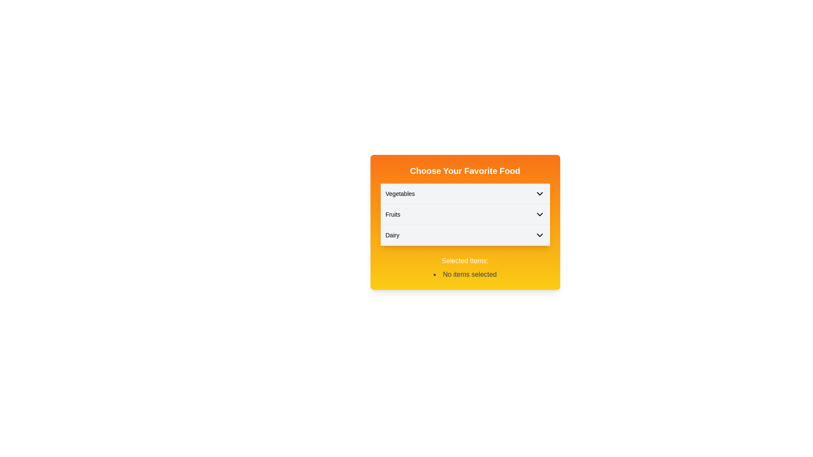 This screenshot has width=813, height=457. I want to click on the Text Header at the top section of the card, which features bold white text on an orange background, so click(465, 171).